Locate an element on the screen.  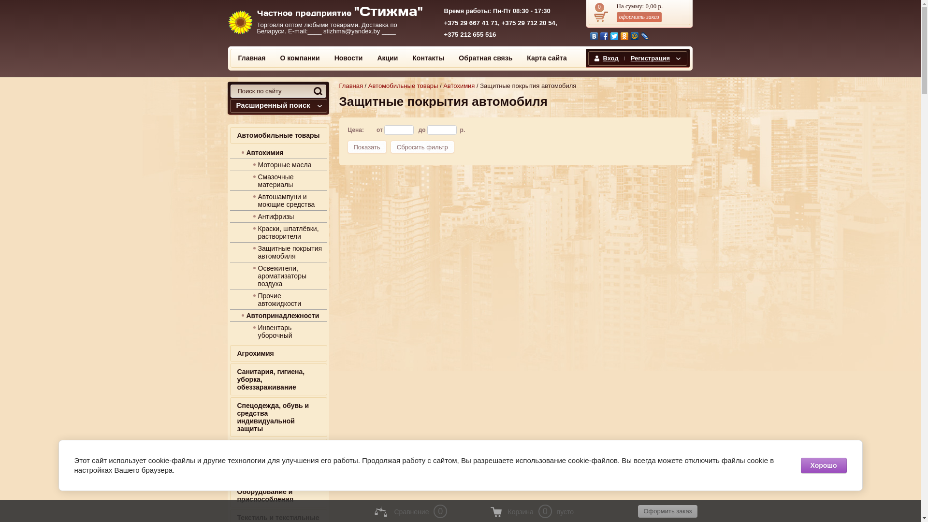
'LiveJournal' is located at coordinates (645, 35).